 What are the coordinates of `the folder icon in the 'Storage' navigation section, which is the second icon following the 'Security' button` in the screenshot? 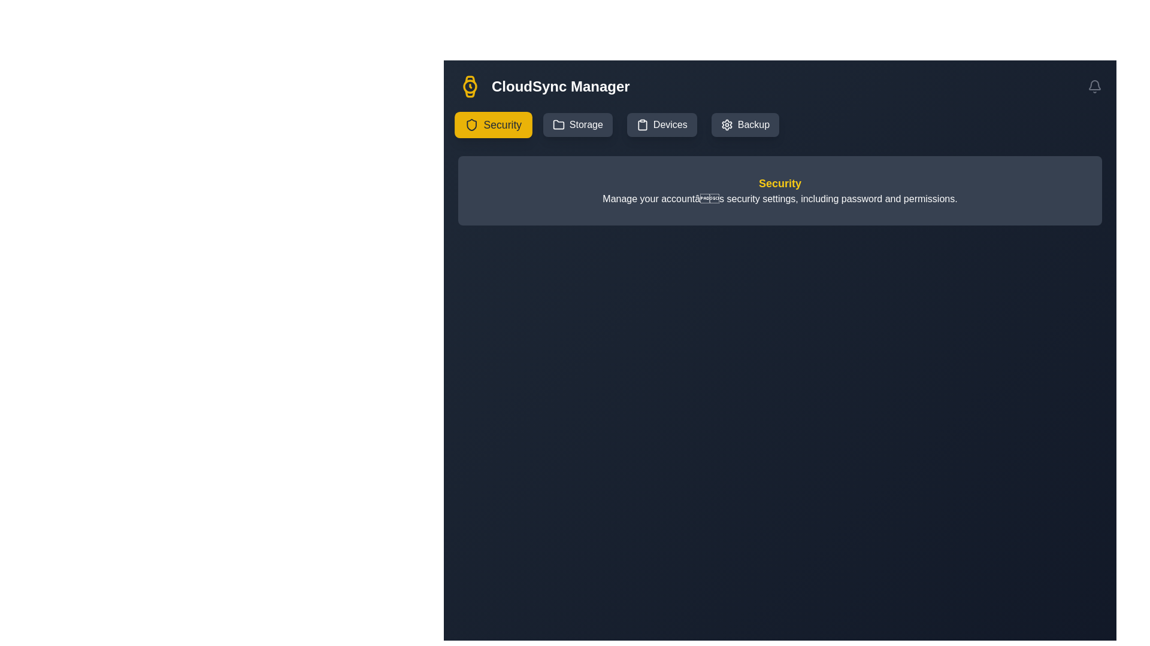 It's located at (558, 124).